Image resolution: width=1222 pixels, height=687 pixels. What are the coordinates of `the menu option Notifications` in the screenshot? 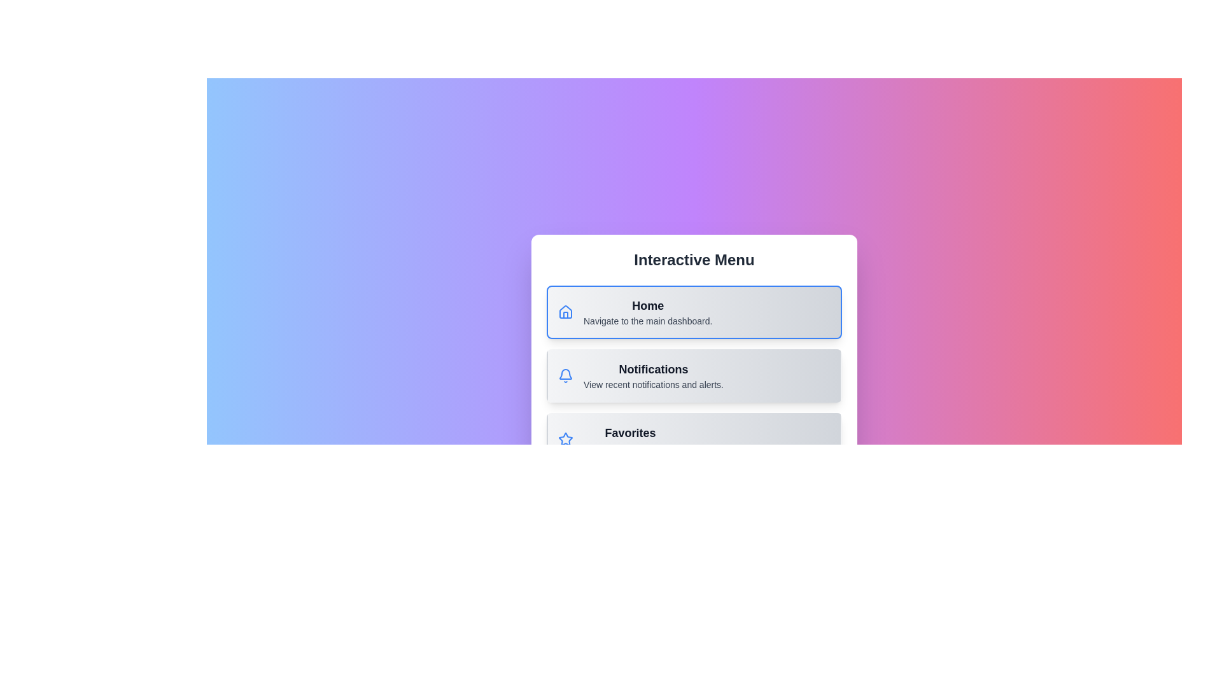 It's located at (693, 375).